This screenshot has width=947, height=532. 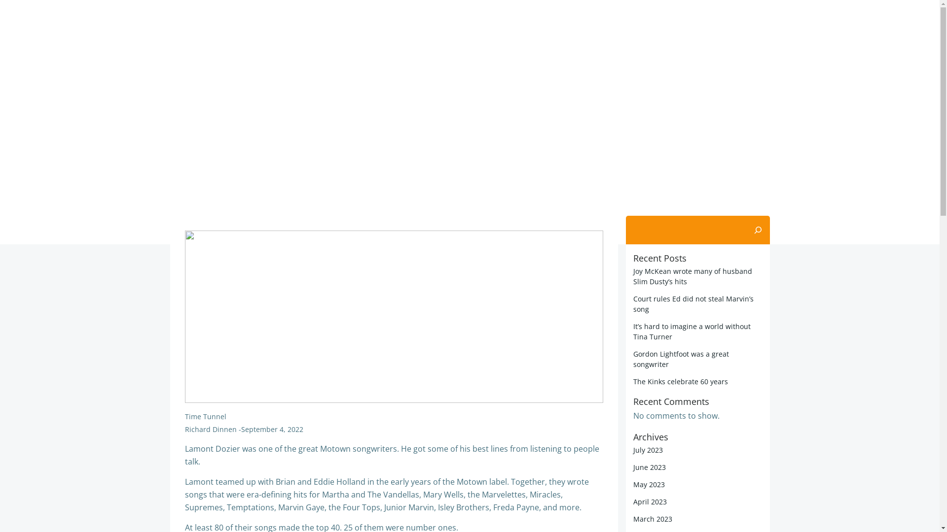 What do you see at coordinates (633, 359) in the screenshot?
I see `'Gordon Lightfoot was a great songwriter'` at bounding box center [633, 359].